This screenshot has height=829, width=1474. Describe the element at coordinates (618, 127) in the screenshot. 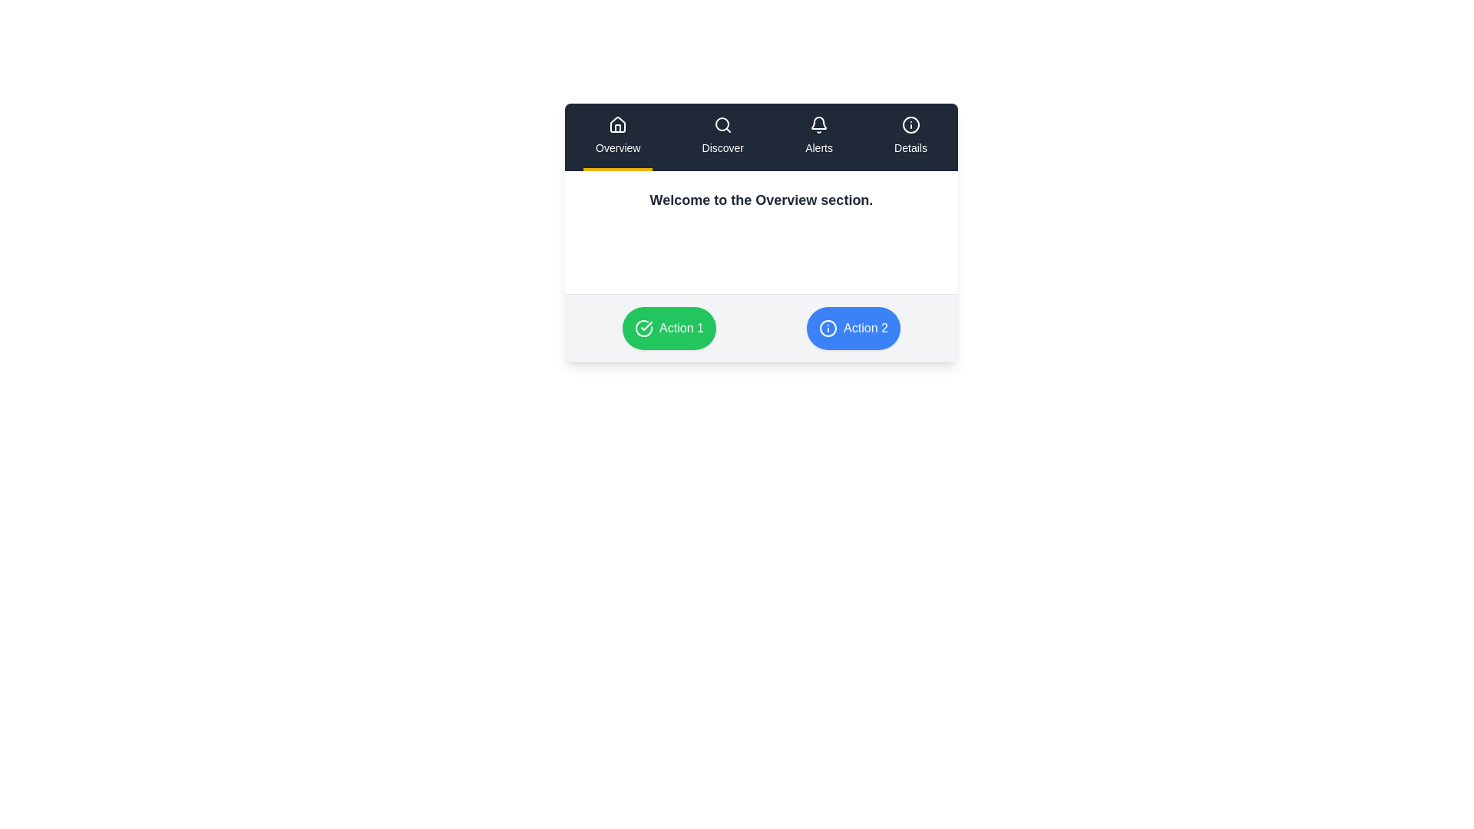

I see `the 'home' navigation icon located in the top-left corner of the navigation bar` at that location.